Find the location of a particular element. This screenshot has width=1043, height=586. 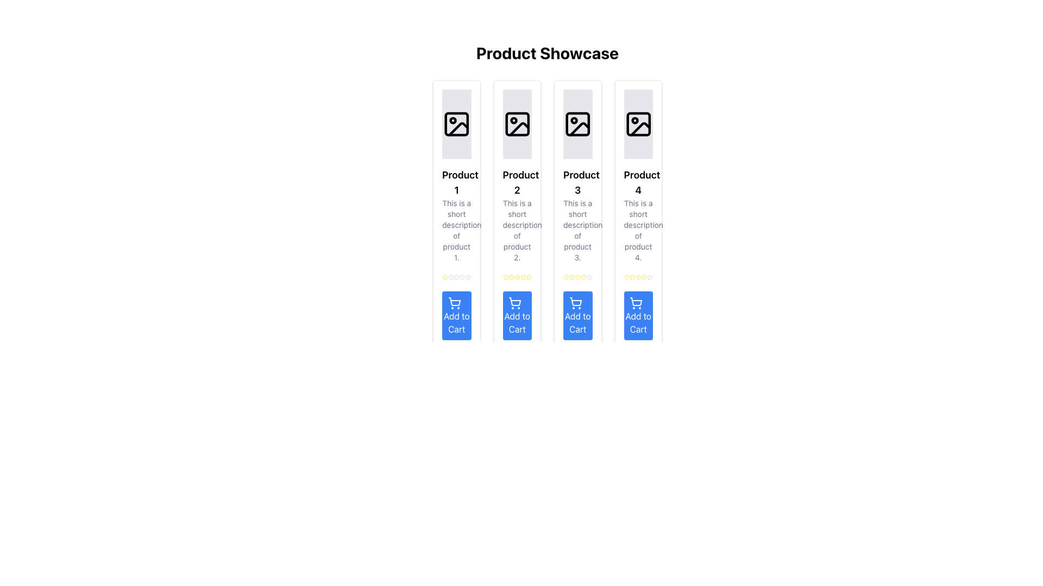

the visual state of the star icon used for rating purposes located in the product card labeled 'Product 3', positioned between the product description and the 'Add to Cart' button is located at coordinates (566, 276).